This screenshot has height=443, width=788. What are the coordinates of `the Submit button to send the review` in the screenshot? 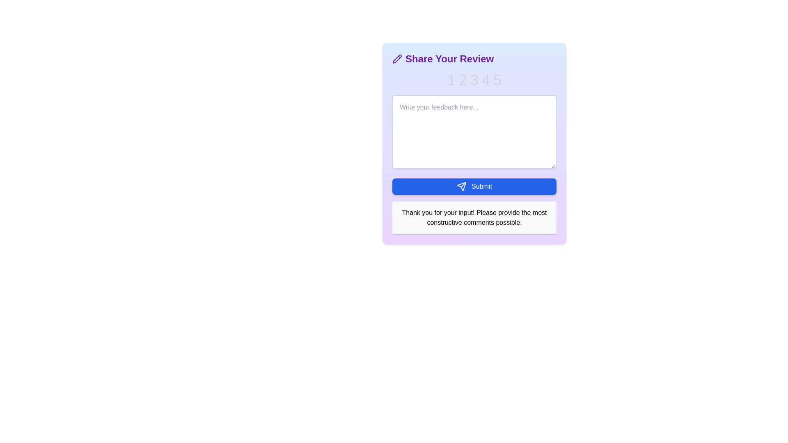 It's located at (474, 187).